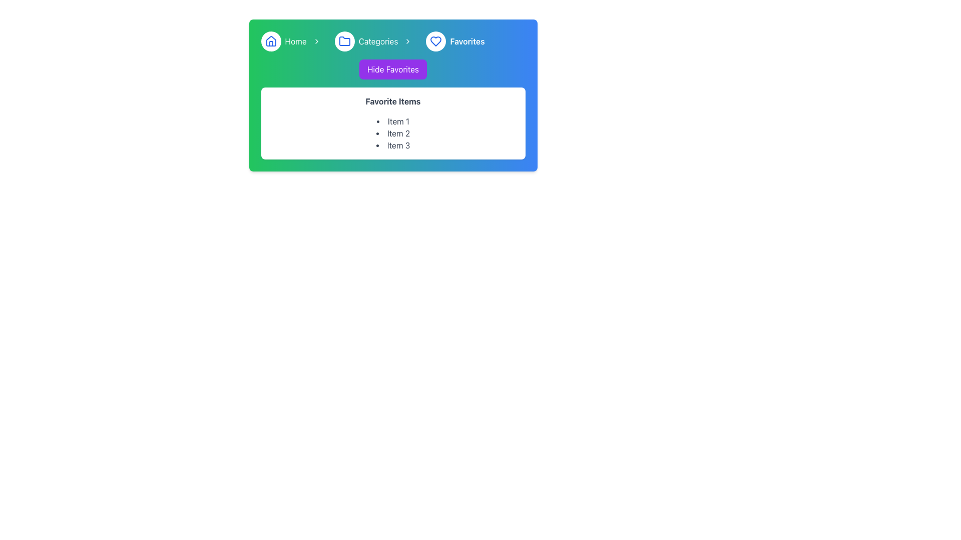 This screenshot has width=961, height=540. Describe the element at coordinates (392, 68) in the screenshot. I see `the button that toggles the visibility of the 'Favorites' section` at that location.